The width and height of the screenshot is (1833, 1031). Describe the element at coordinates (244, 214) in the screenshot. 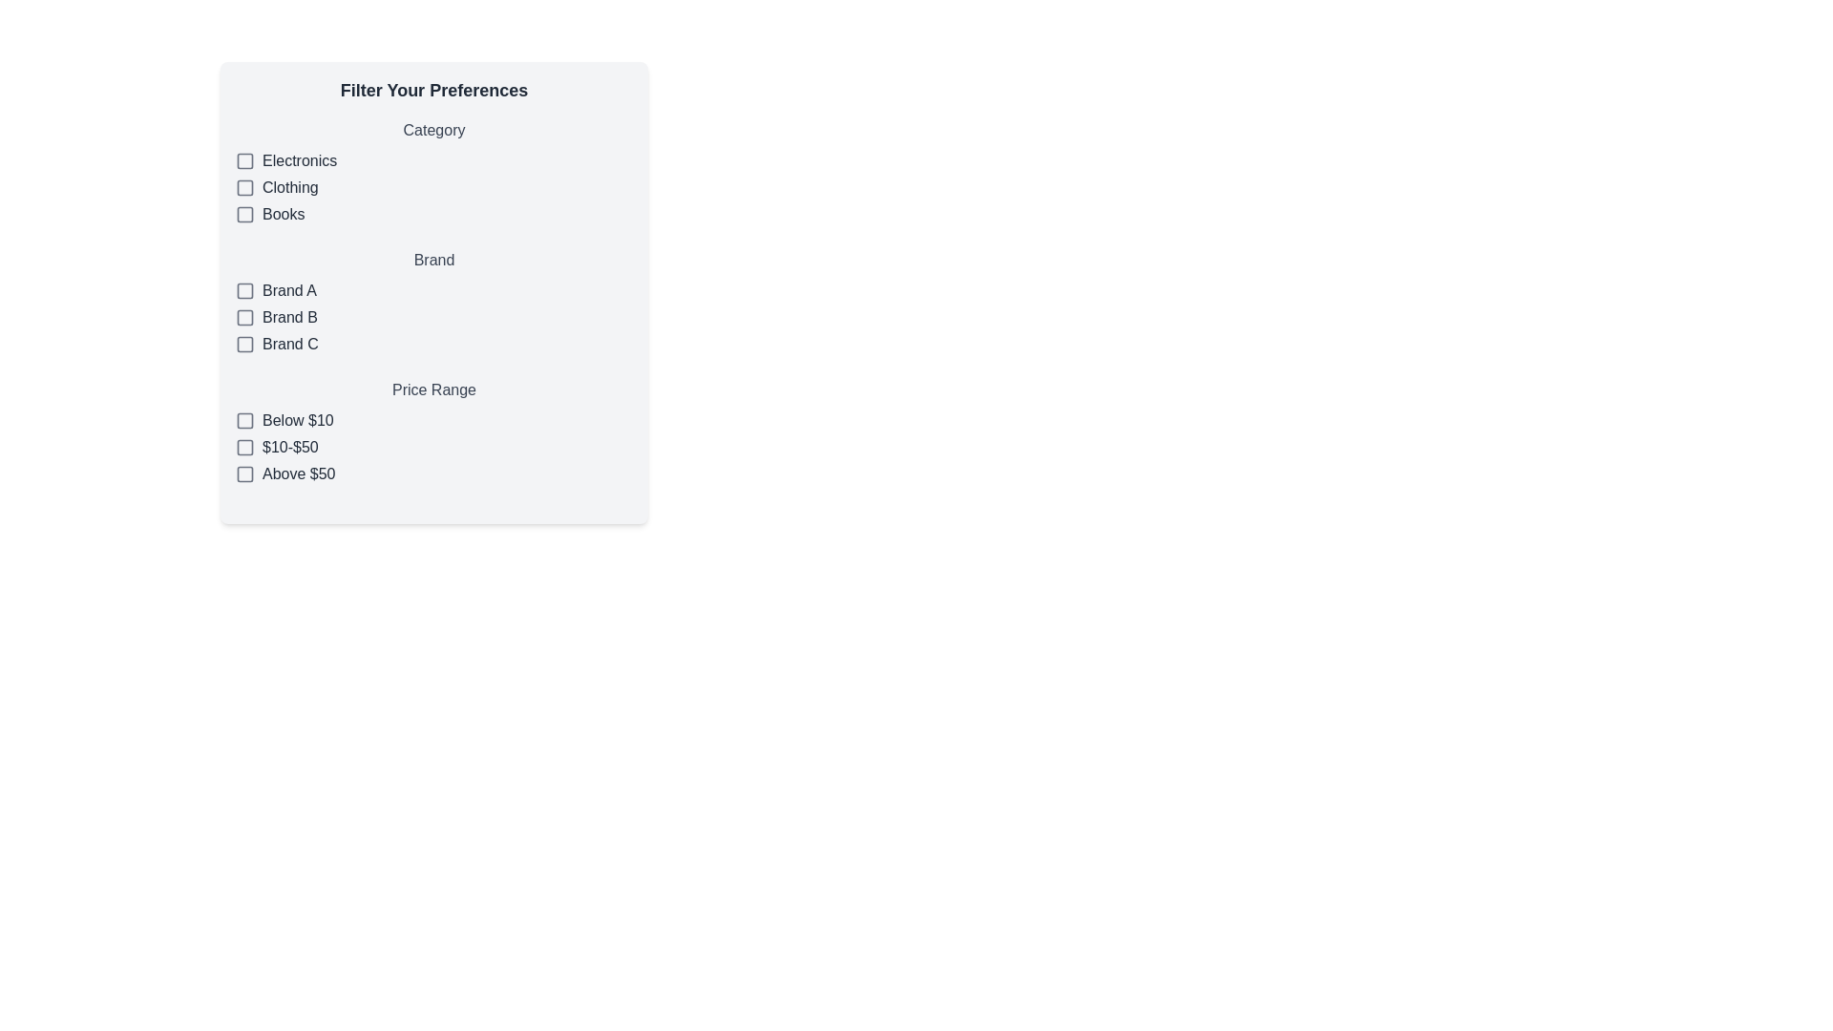

I see `the checkbox graphic associated with the 'Books' category` at that location.